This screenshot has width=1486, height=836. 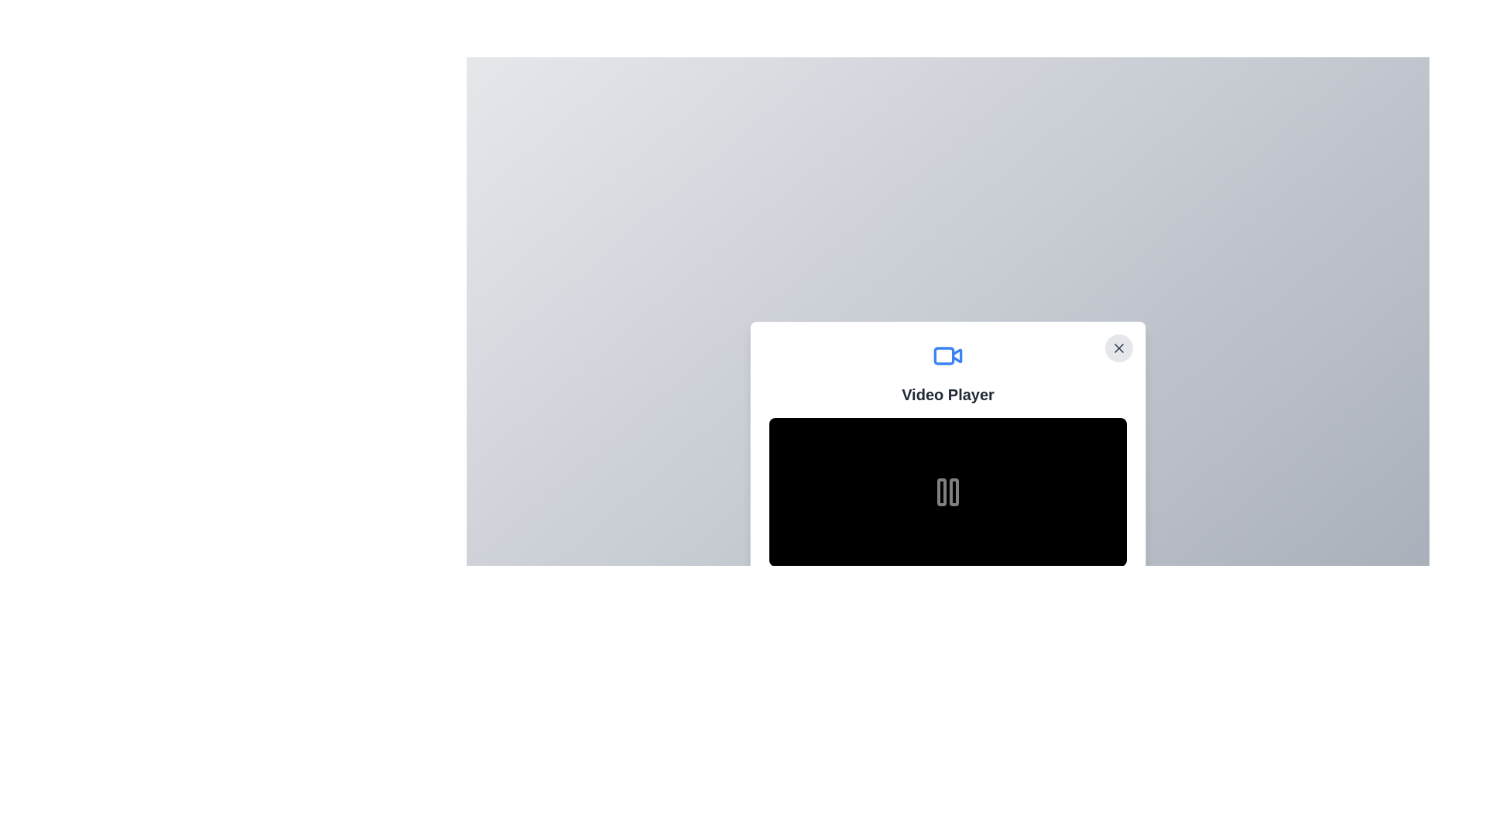 I want to click on the video functionality icon located at the top of the white card layout, centered horizontally above the 'Video Player' text, so click(x=947, y=355).